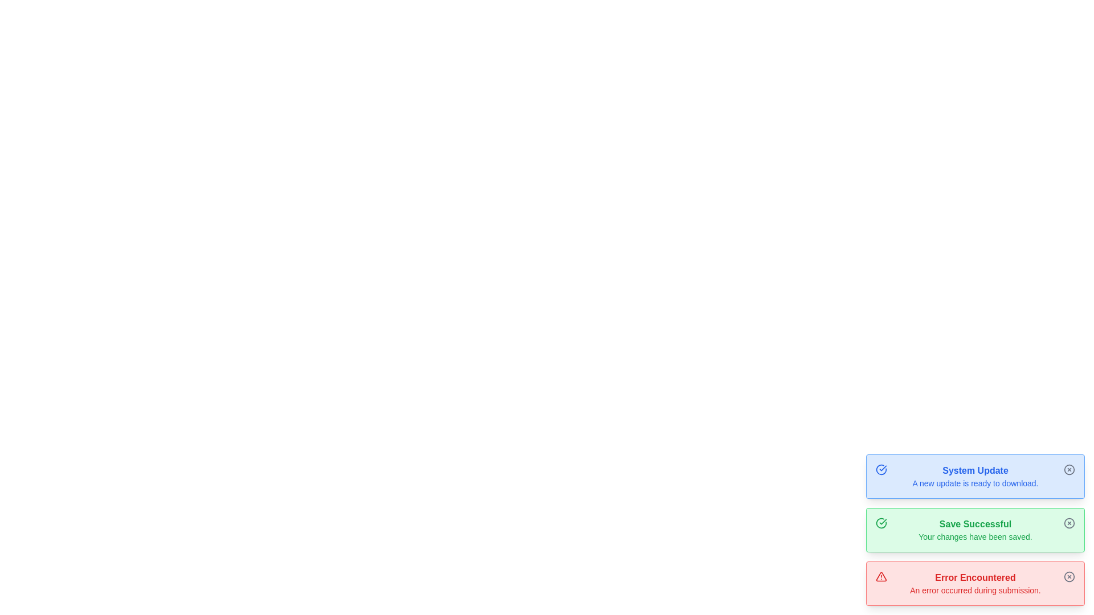 This screenshot has height=615, width=1094. Describe the element at coordinates (975, 530) in the screenshot. I see `text from the Notification banner displaying 'Save Successful' and 'Your changes have been saved.'` at that location.